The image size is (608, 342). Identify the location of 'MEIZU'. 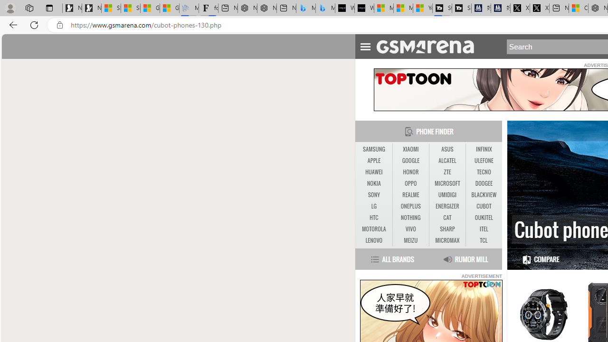
(410, 240).